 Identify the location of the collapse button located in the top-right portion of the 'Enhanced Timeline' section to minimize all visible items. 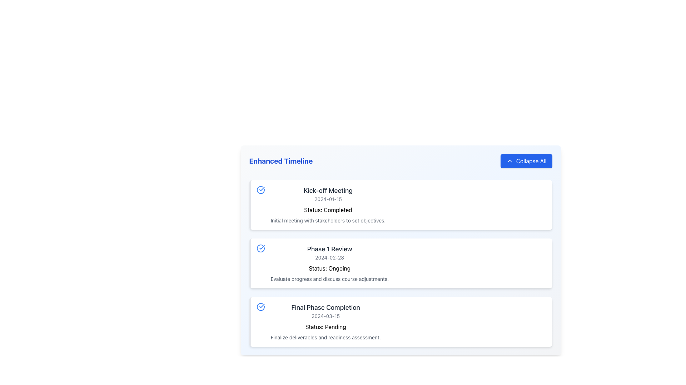
(526, 161).